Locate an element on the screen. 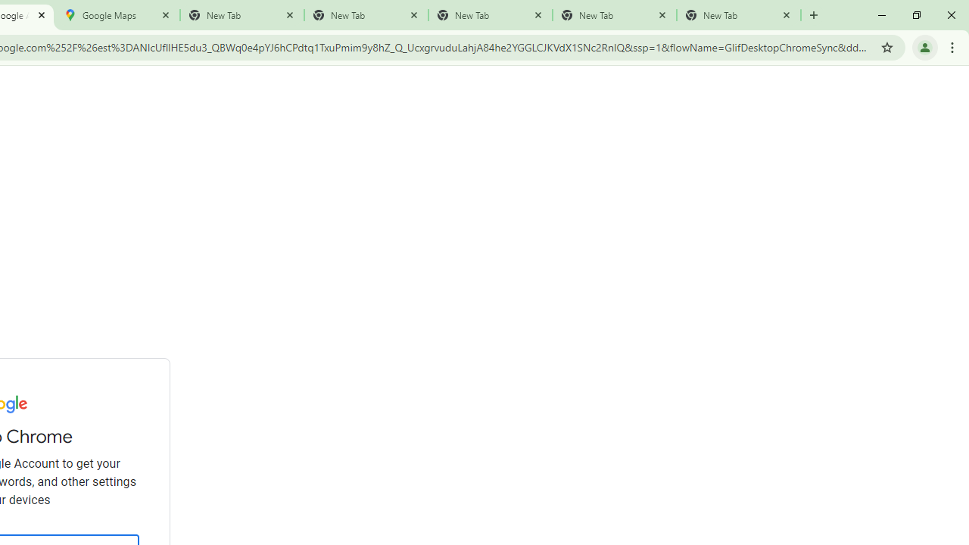 The image size is (969, 545). 'Google Maps' is located at coordinates (117, 15).